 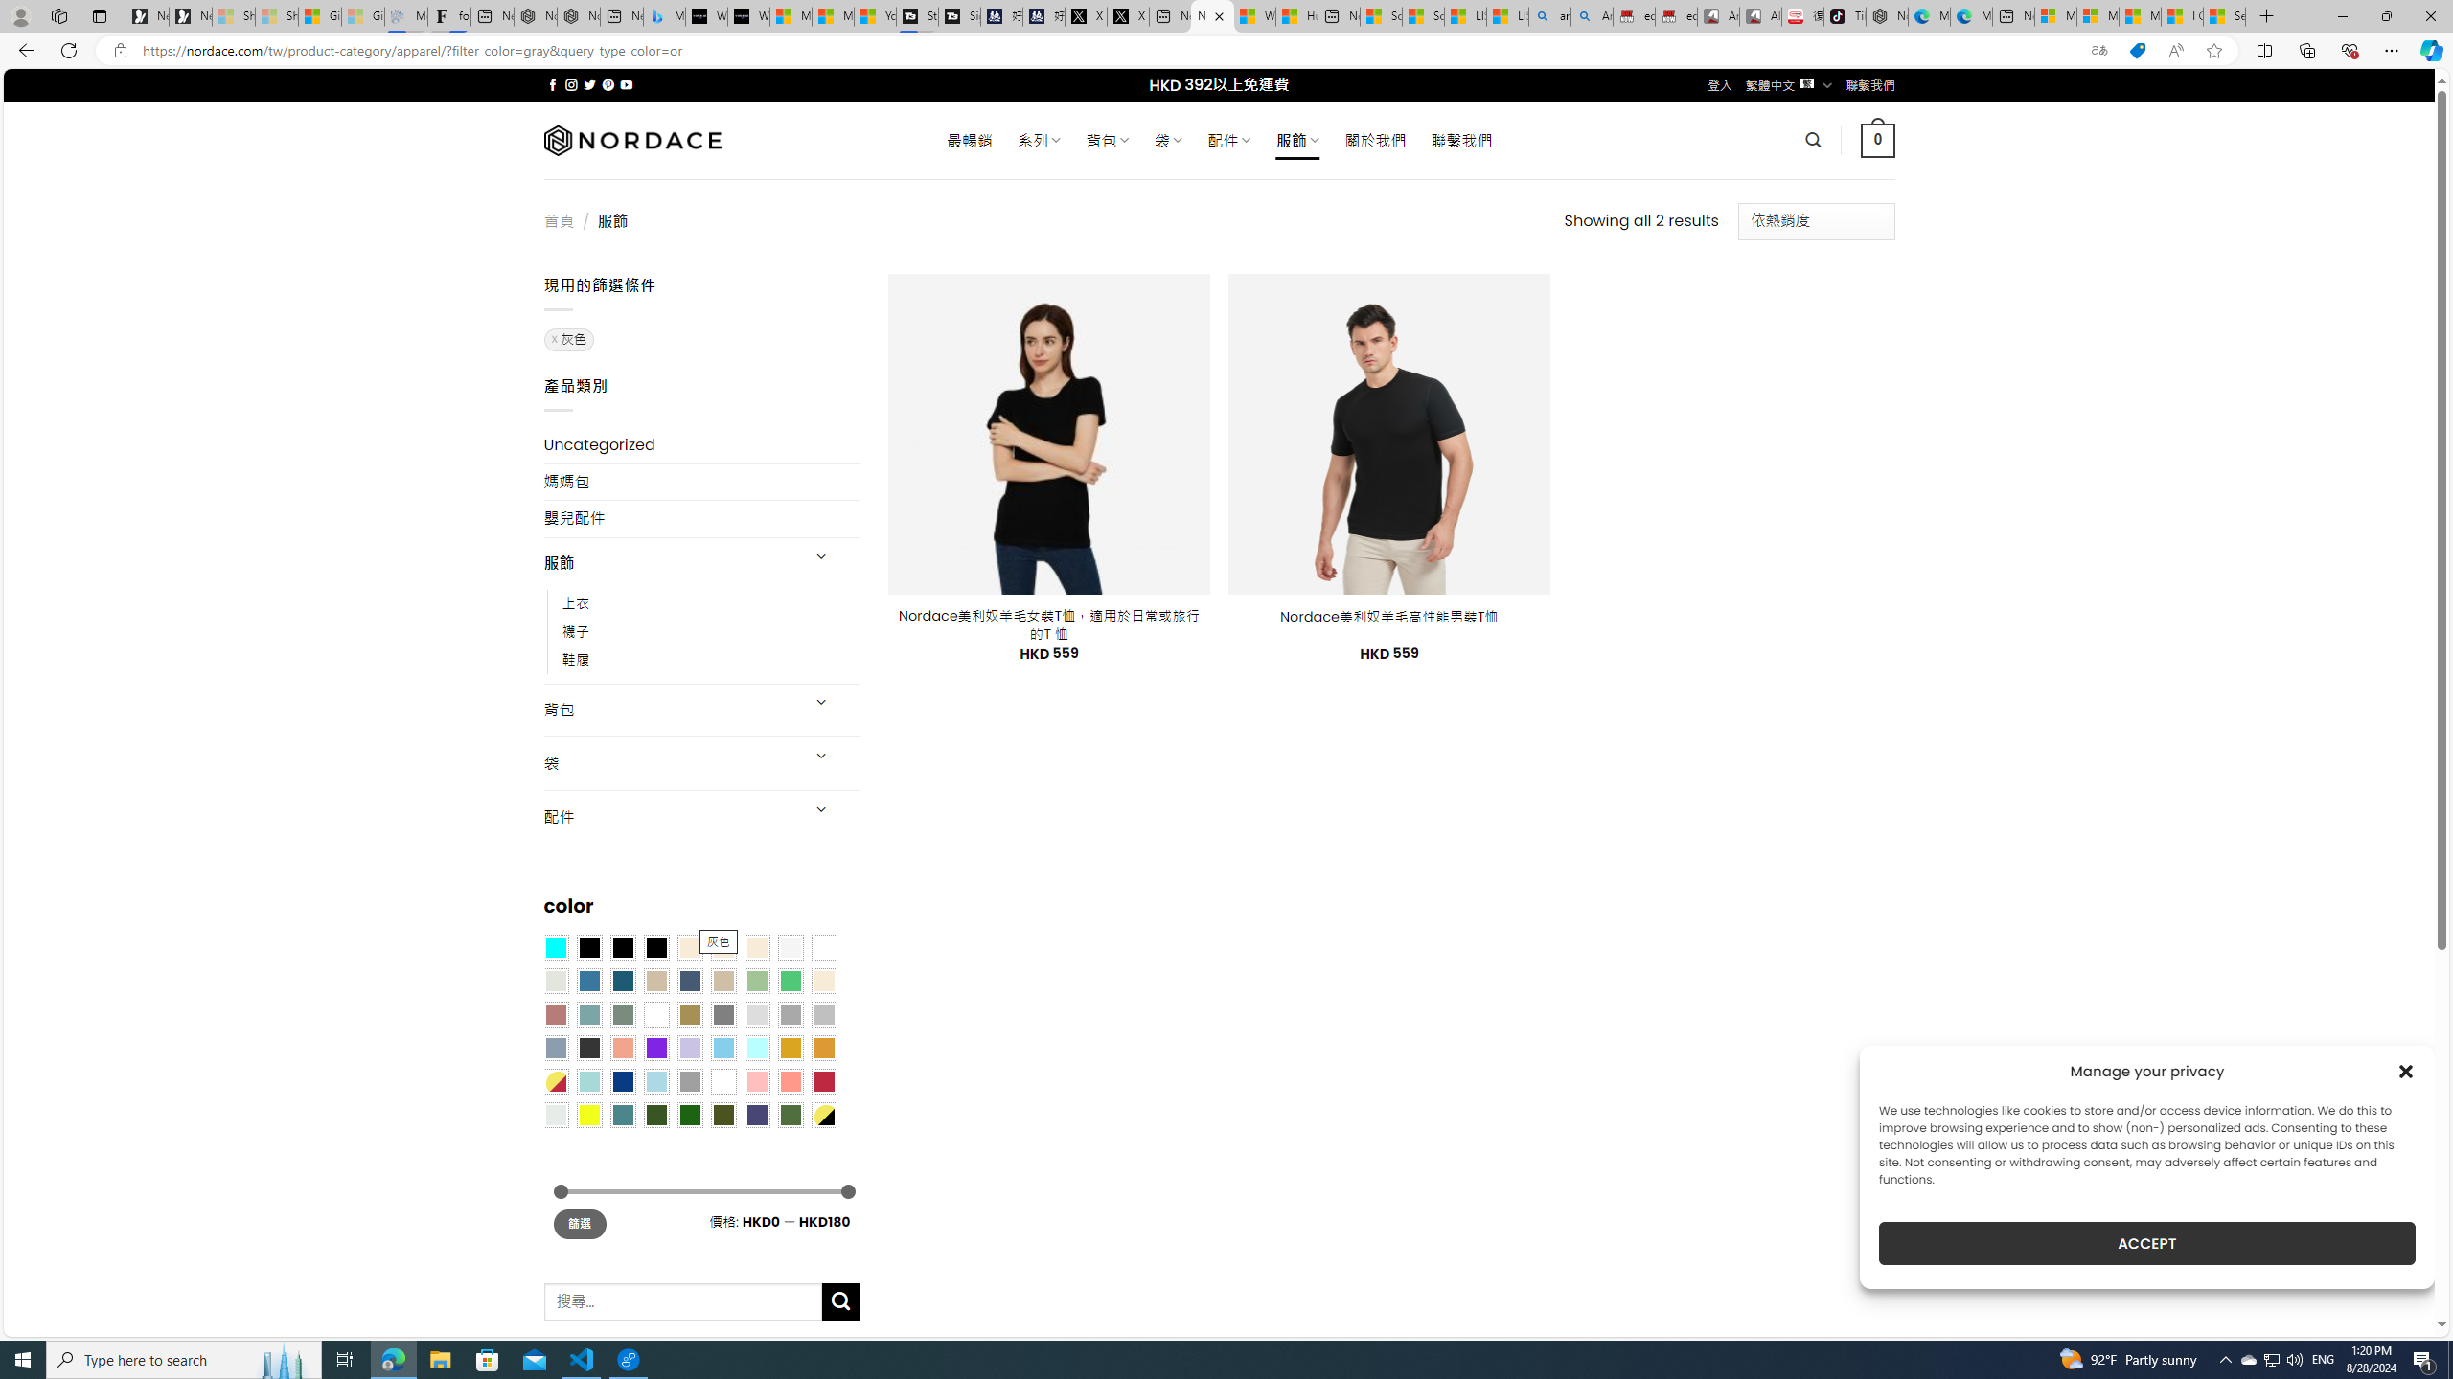 I want to click on 'All Cubot phones', so click(x=1761, y=15).